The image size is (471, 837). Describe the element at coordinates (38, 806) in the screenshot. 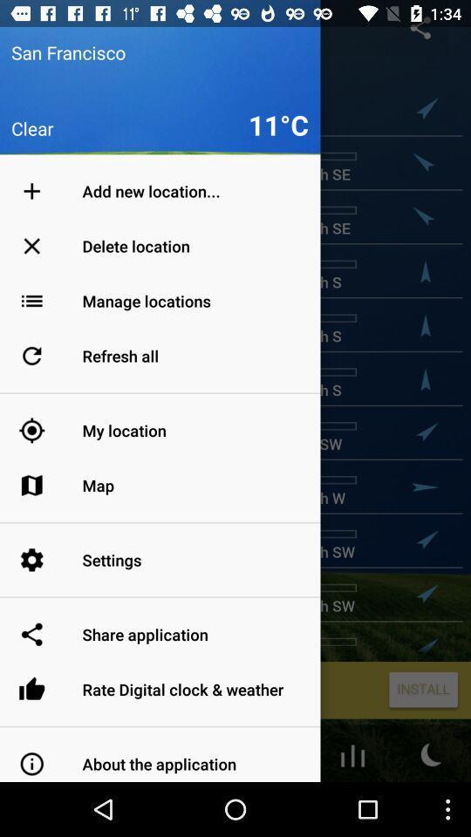

I see `the info icon` at that location.